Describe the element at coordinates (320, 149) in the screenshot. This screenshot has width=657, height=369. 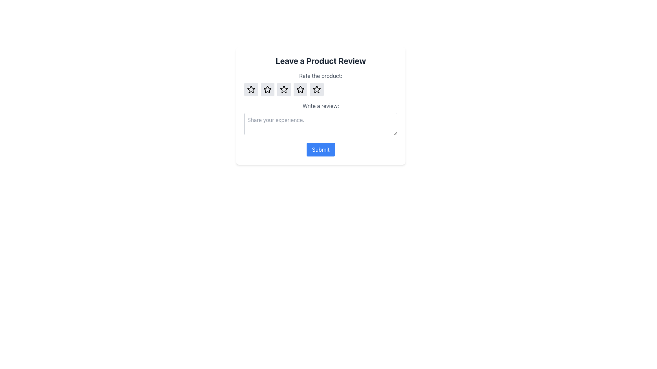
I see `the submit button located at the bottom of the form, which triggers a hover effect to indicate its functionality` at that location.